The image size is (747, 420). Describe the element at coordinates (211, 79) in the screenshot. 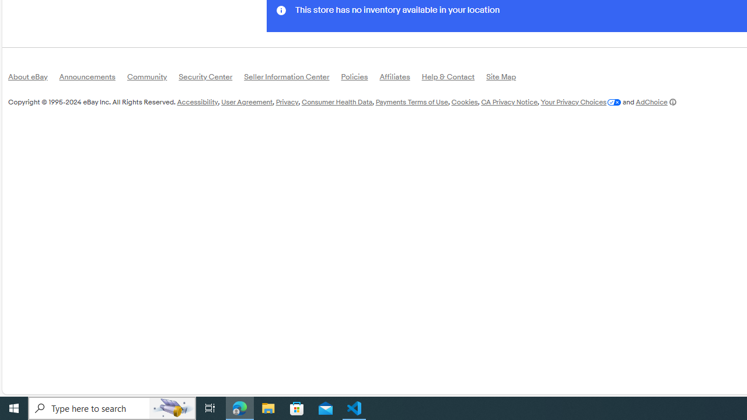

I see `'Security Center'` at that location.